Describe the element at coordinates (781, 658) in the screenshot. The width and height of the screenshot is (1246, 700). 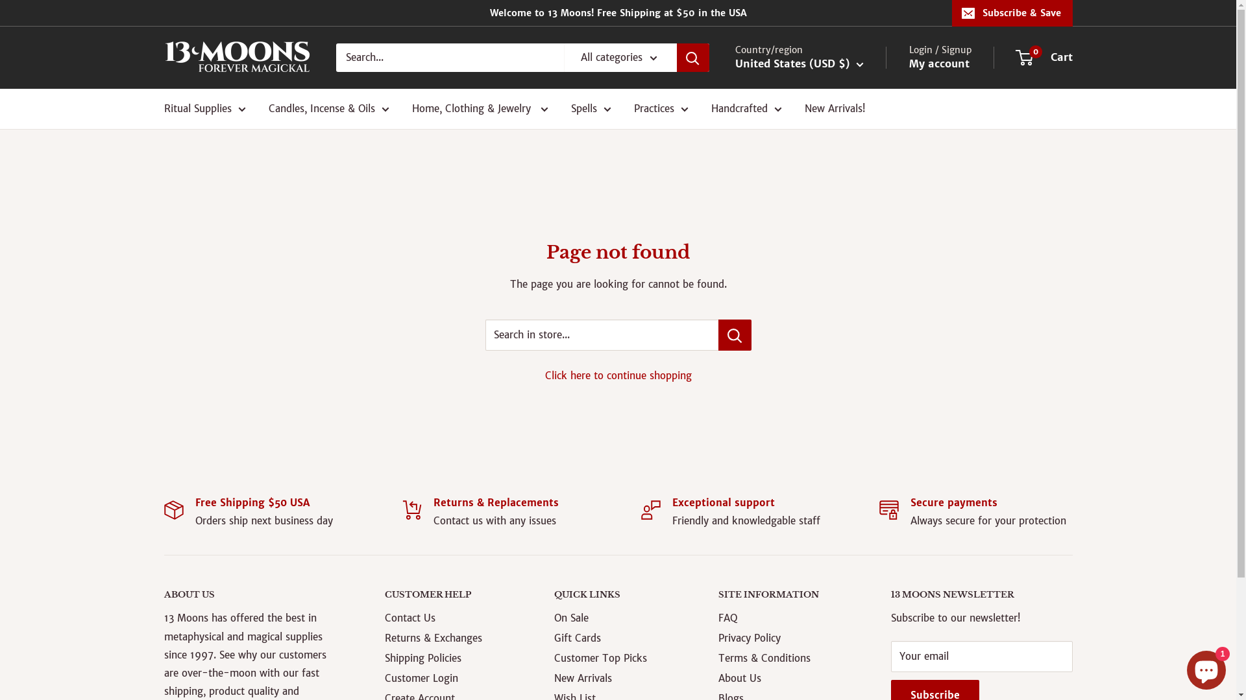
I see `'Terms & Conditions'` at that location.